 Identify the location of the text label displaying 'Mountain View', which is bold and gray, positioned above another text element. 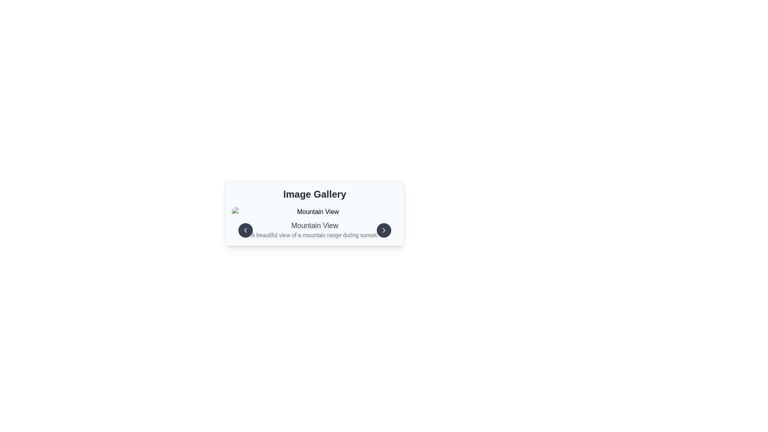
(314, 225).